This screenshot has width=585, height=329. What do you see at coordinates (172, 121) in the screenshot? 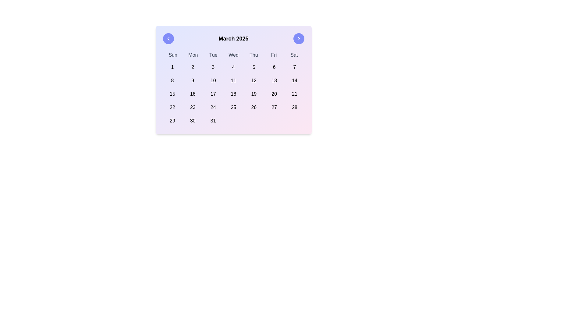
I see `the clickable calendar date cell representing the date '29'` at bounding box center [172, 121].